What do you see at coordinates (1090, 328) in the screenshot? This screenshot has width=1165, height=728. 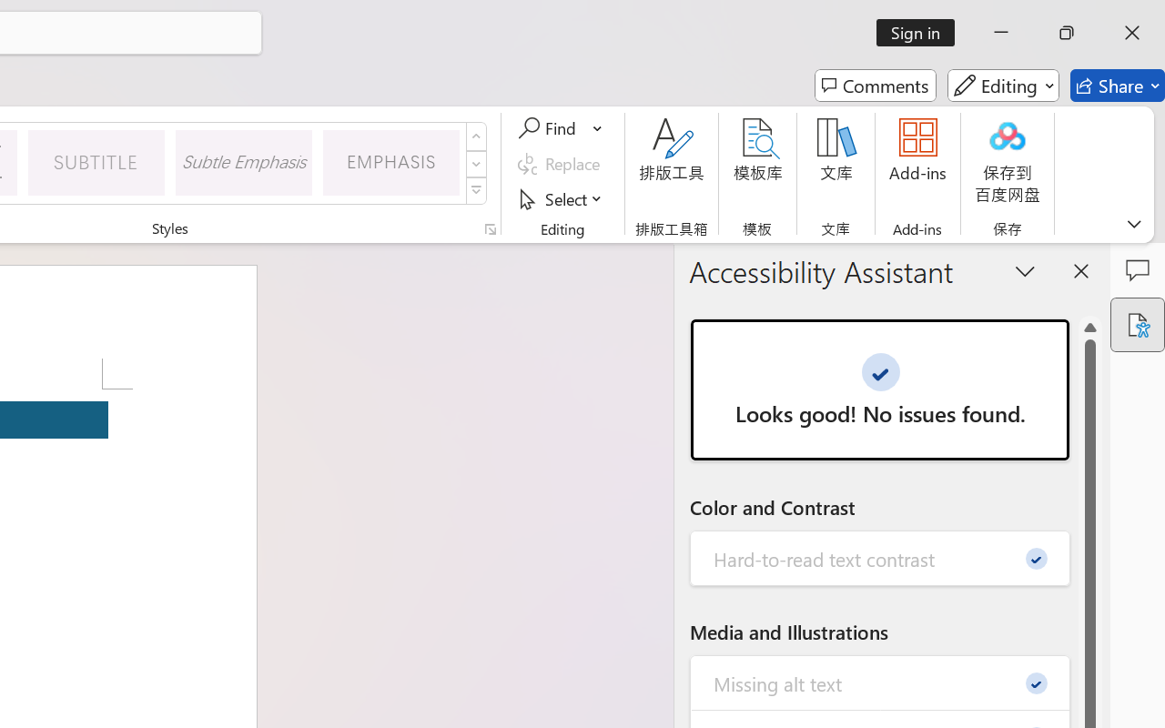 I see `'Line up'` at bounding box center [1090, 328].